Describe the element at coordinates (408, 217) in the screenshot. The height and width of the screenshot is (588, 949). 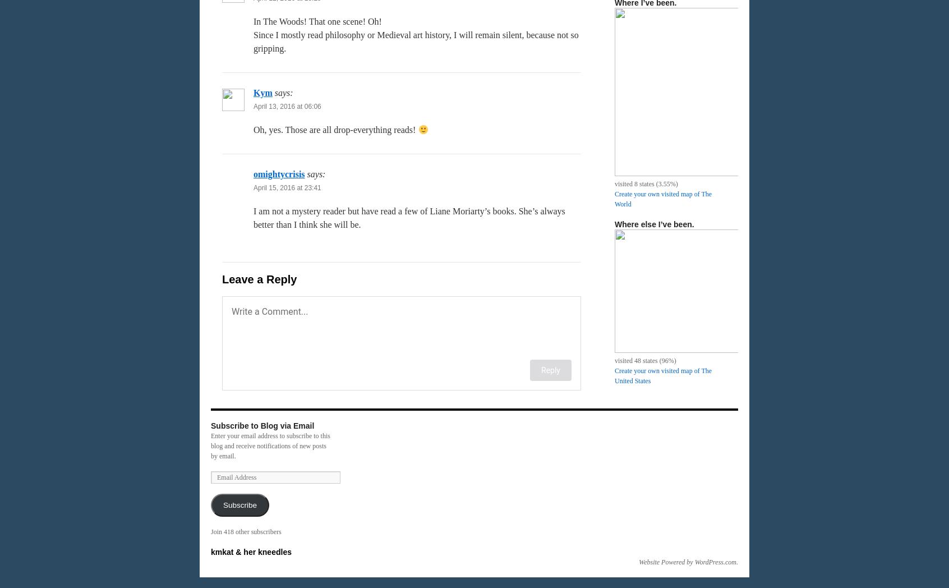
I see `'I am not a mystery reader but have read a few of Liane Moriarty’s books. She’s always better than I think she will be.'` at that location.